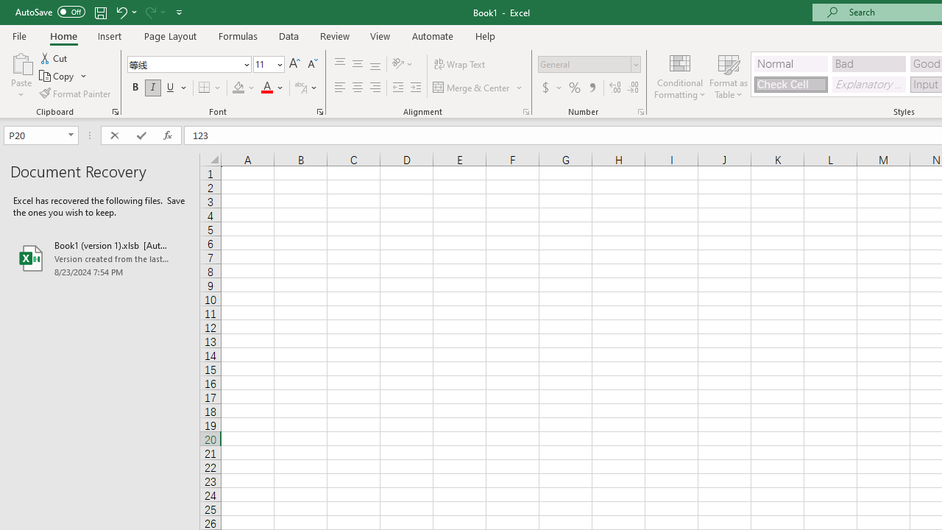 This screenshot has height=530, width=942. I want to click on 'Copy', so click(63, 76).